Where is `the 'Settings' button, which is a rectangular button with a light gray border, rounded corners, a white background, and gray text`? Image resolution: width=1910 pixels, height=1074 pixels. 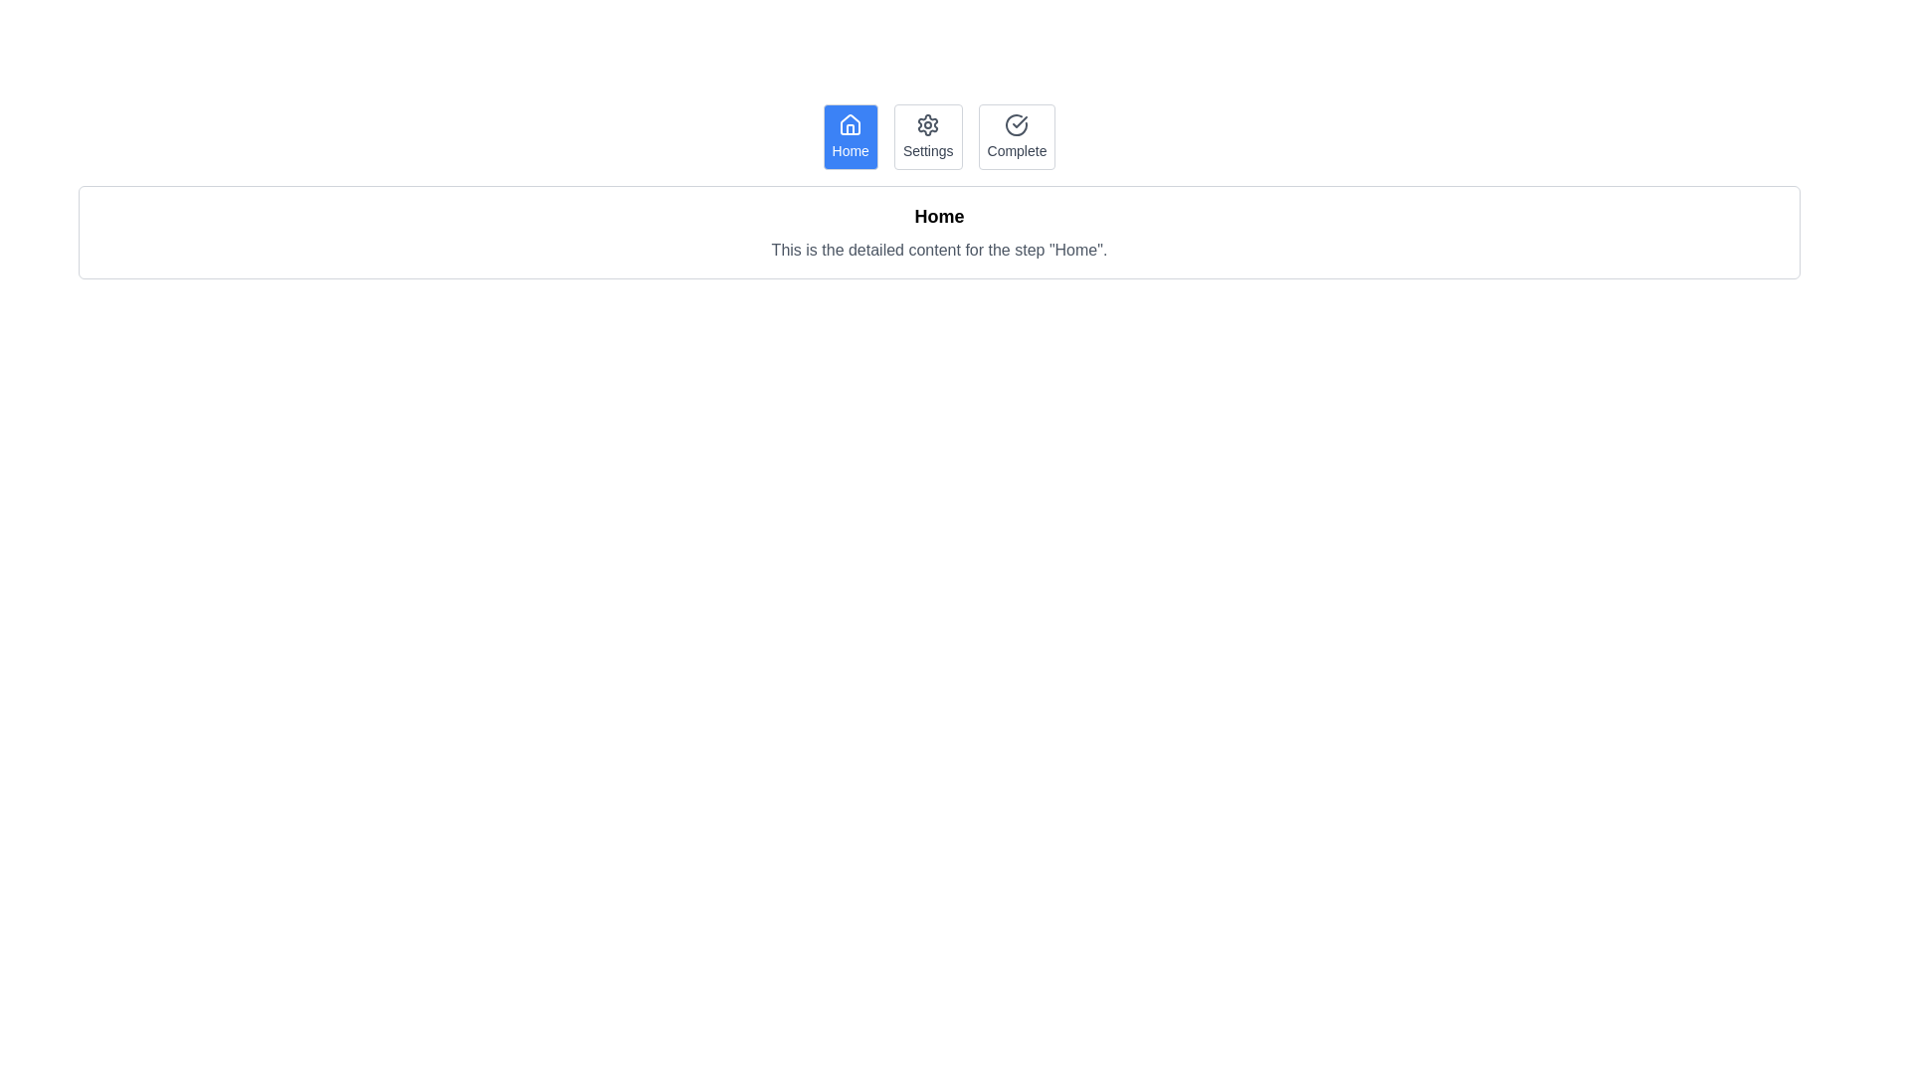 the 'Settings' button, which is a rectangular button with a light gray border, rounded corners, a white background, and gray text is located at coordinates (927, 136).